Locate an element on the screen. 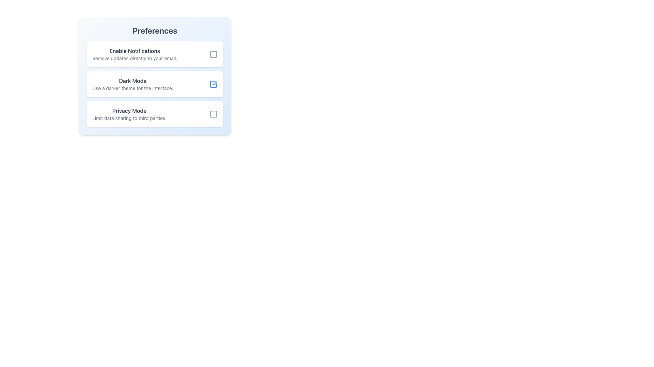  description of the 'Dark Mode' selectable list item, which is the second card in the Preferences panel, featuring a title in bold gray text and a blue checkmark icon is located at coordinates (155, 84).